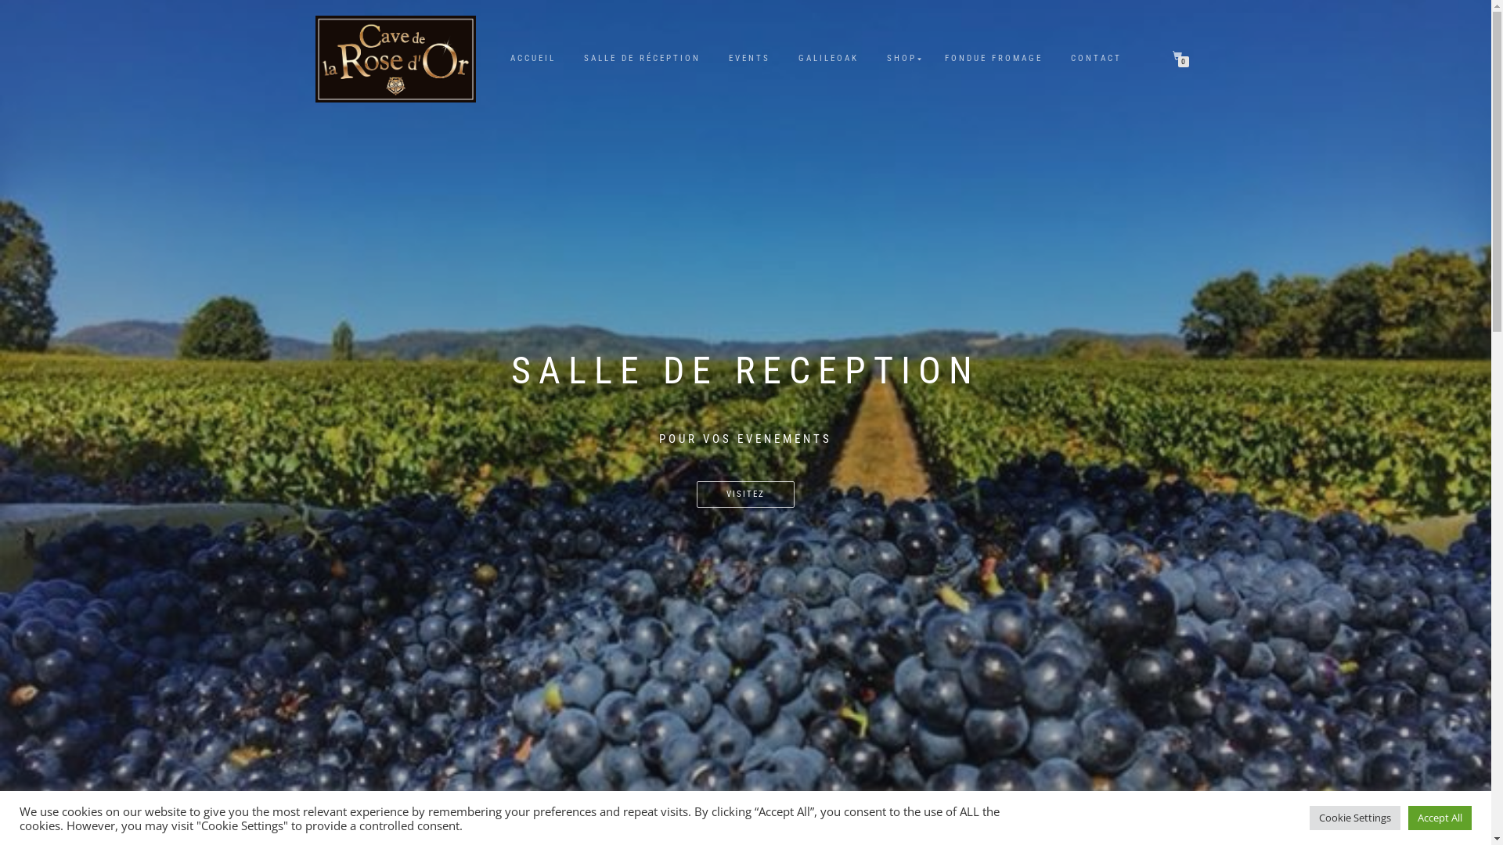 The image size is (1503, 845). Describe the element at coordinates (724, 811) in the screenshot. I see `'1'` at that location.